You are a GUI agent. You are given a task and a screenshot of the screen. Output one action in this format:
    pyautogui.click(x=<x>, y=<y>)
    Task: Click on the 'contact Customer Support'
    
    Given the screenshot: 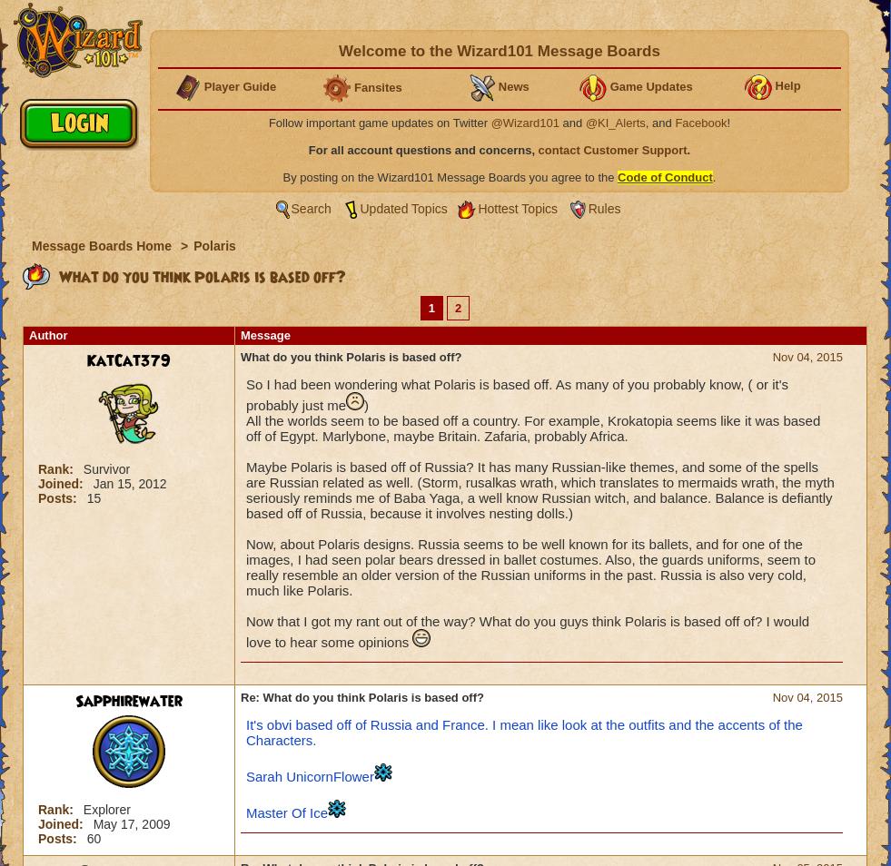 What is the action you would take?
    pyautogui.click(x=612, y=149)
    